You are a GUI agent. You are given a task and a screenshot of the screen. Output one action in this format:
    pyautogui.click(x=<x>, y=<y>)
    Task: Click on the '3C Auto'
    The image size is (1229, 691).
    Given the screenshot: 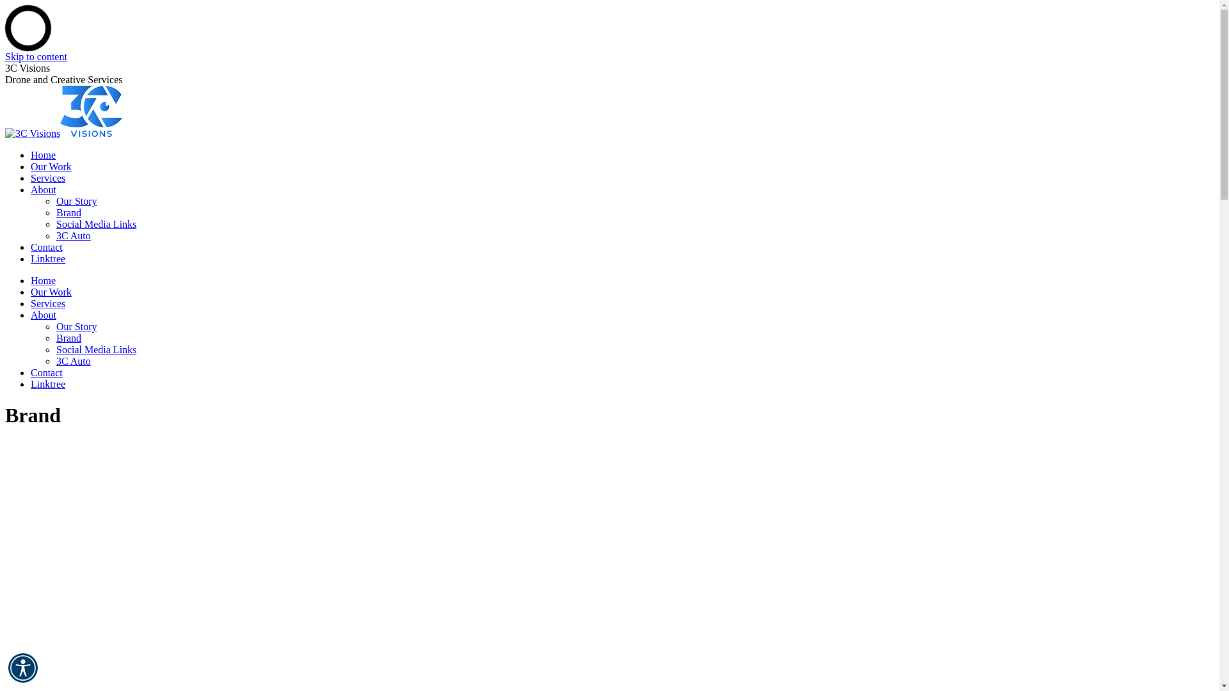 What is the action you would take?
    pyautogui.click(x=73, y=361)
    